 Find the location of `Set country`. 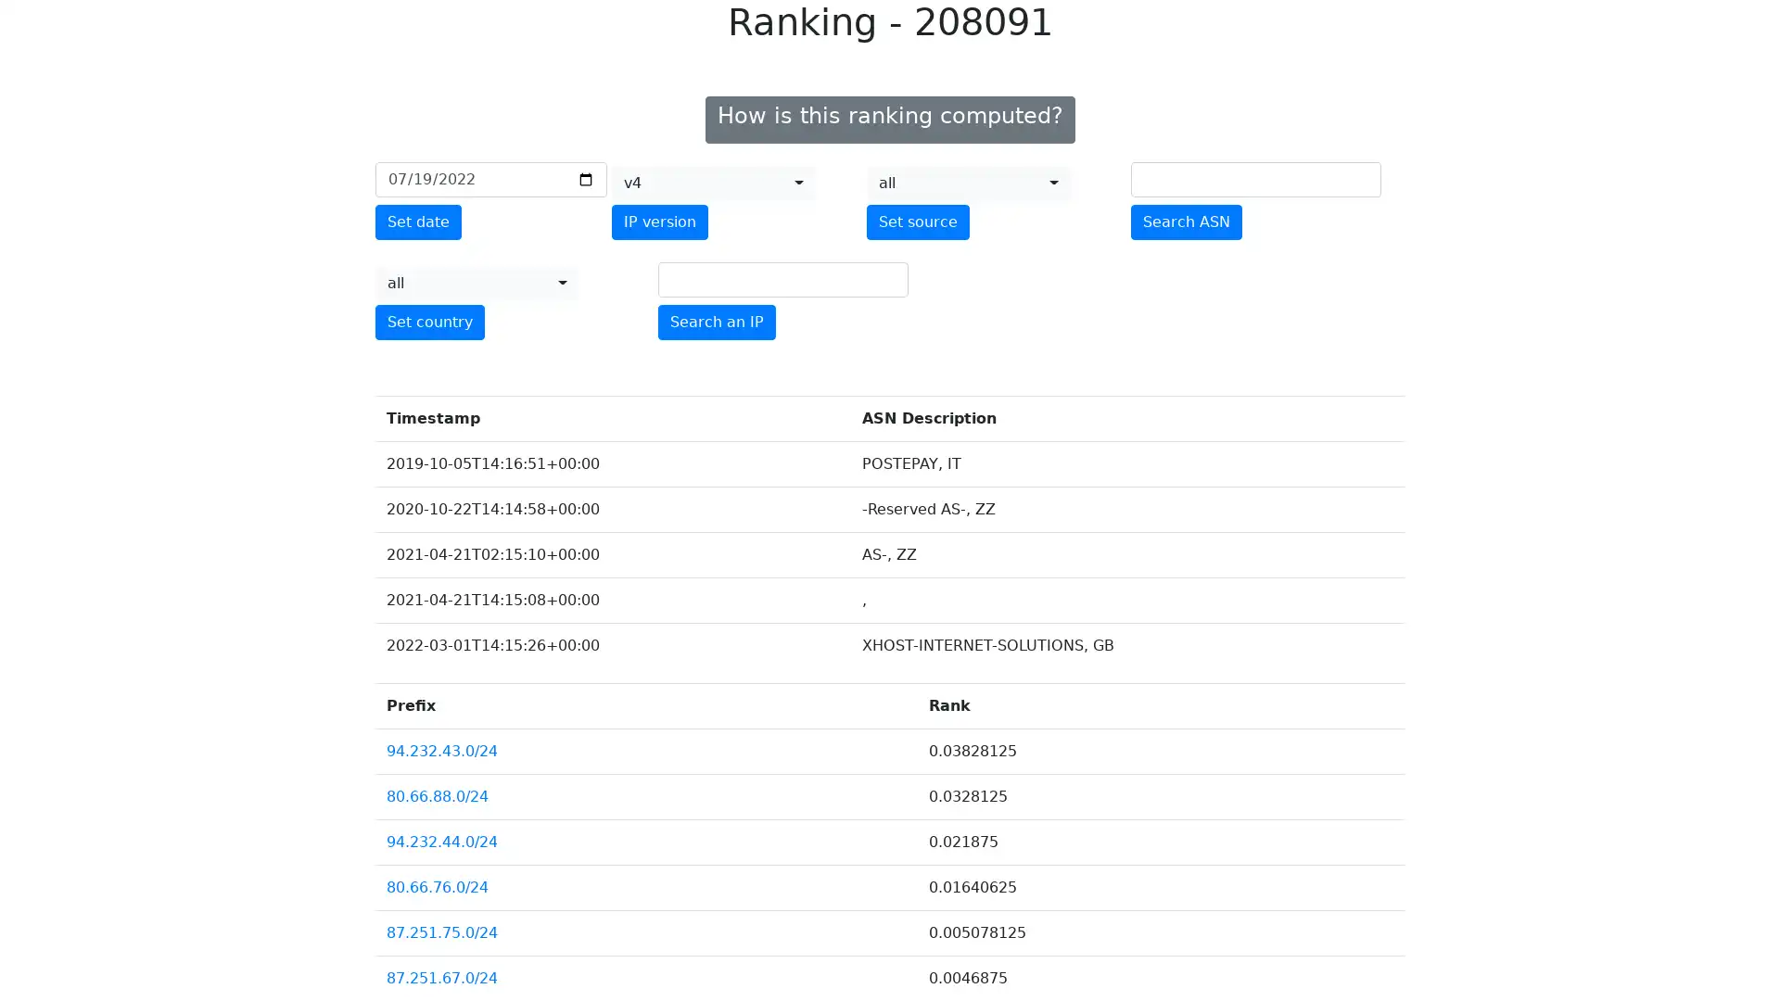

Set country is located at coordinates (429, 321).